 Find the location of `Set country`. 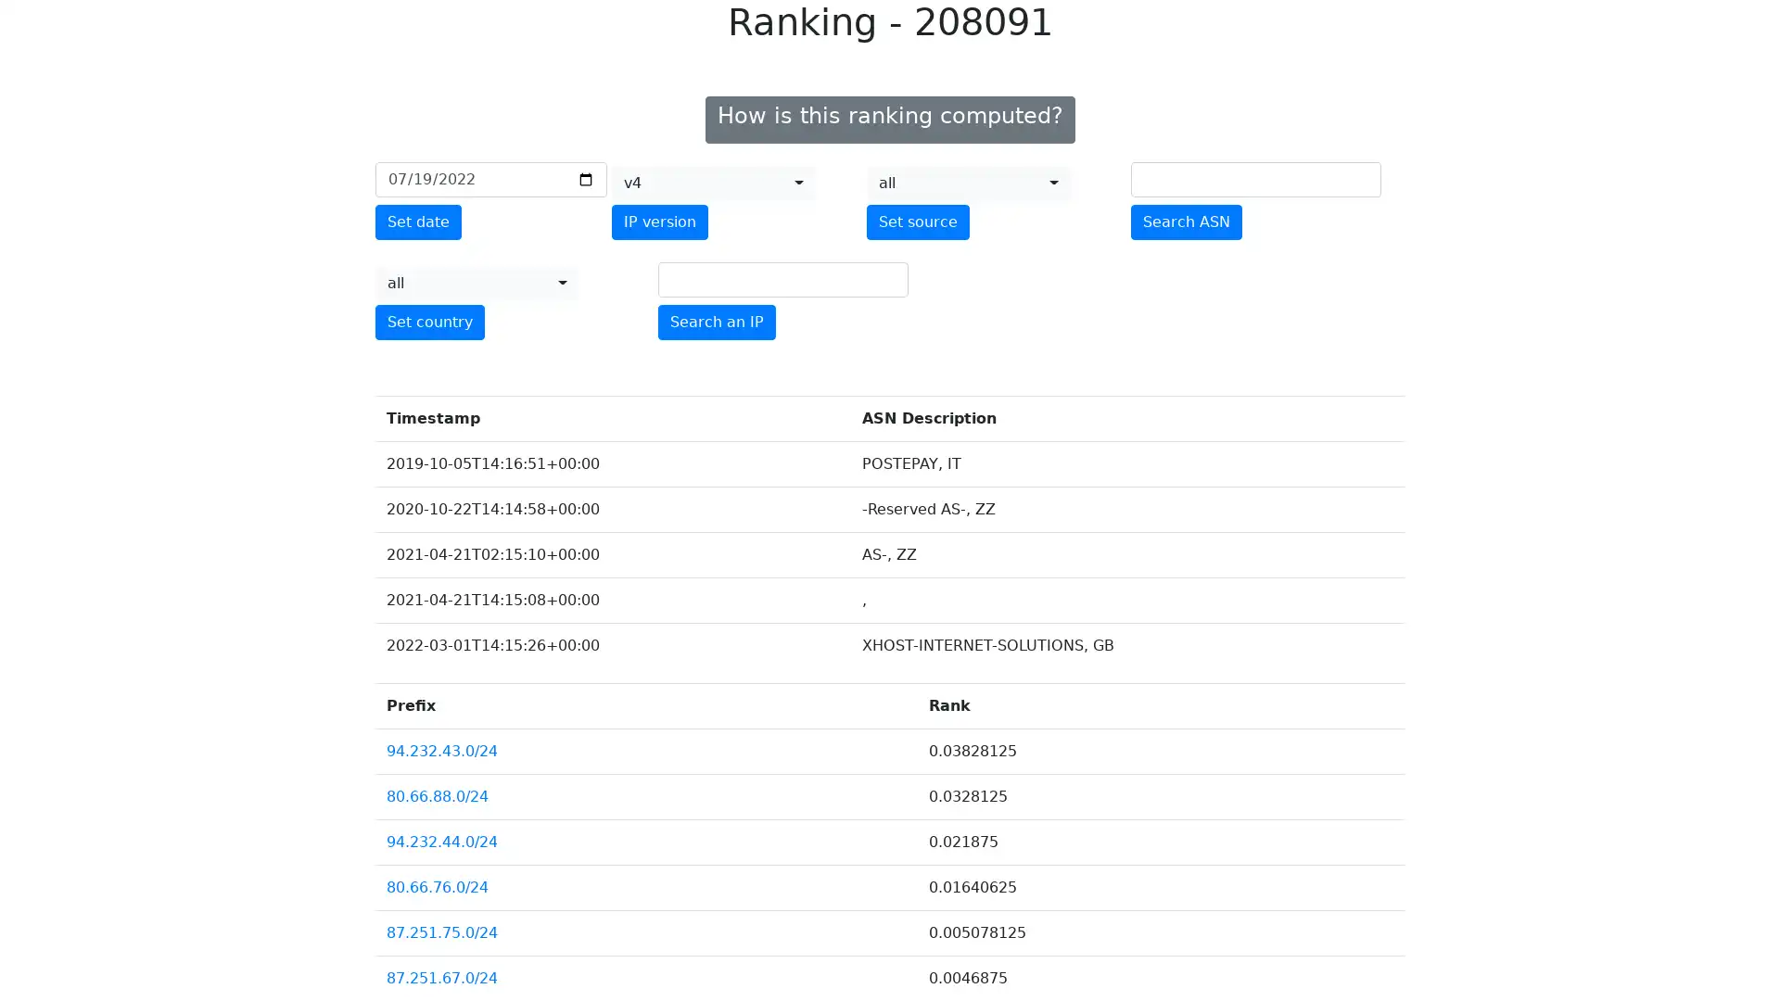

Set country is located at coordinates (429, 321).